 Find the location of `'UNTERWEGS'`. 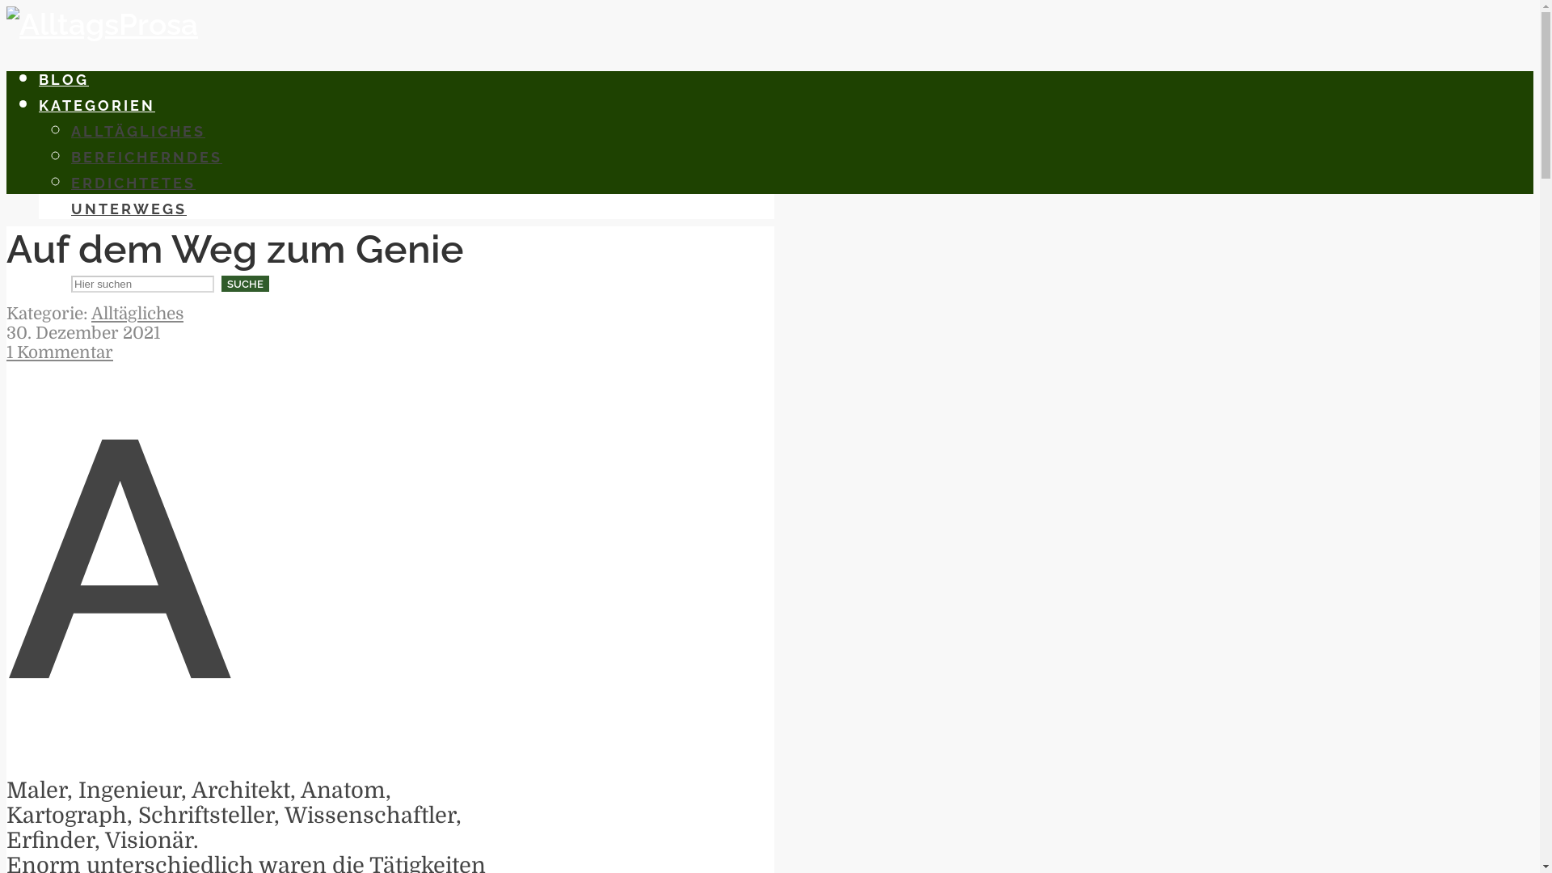

'UNTERWEGS' is located at coordinates (70, 208).